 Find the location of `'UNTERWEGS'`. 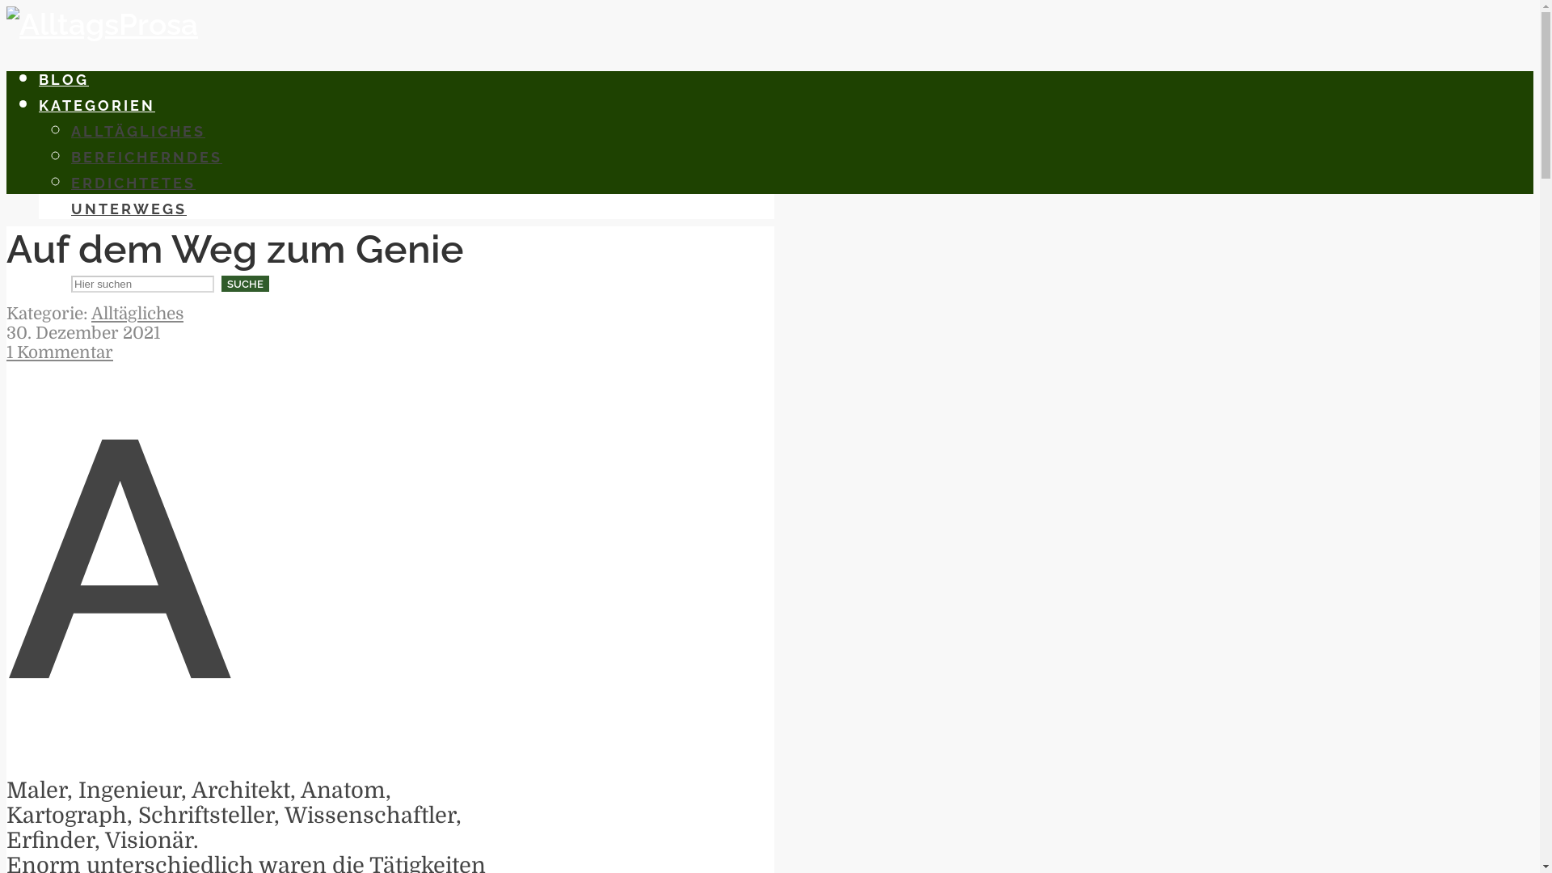

'UNTERWEGS' is located at coordinates (70, 208).